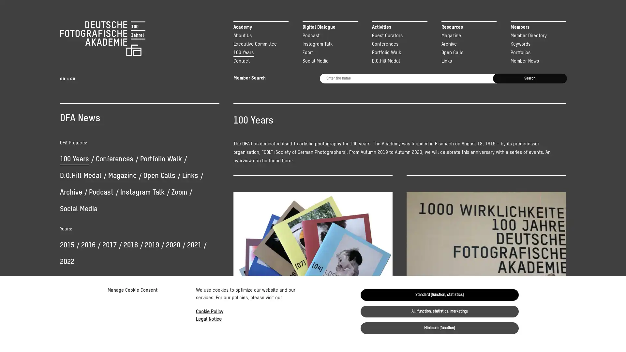 The height and width of the screenshot is (352, 626). I want to click on 2019, so click(151, 245).